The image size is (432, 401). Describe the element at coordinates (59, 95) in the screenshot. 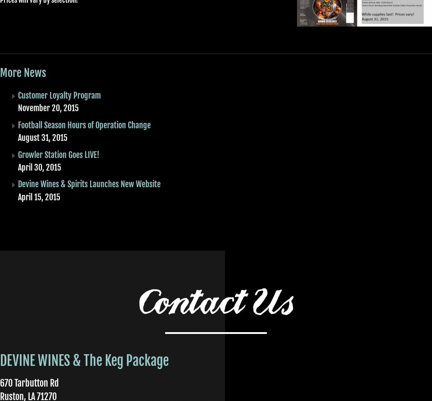

I see `'Customer Loyalty Program'` at that location.